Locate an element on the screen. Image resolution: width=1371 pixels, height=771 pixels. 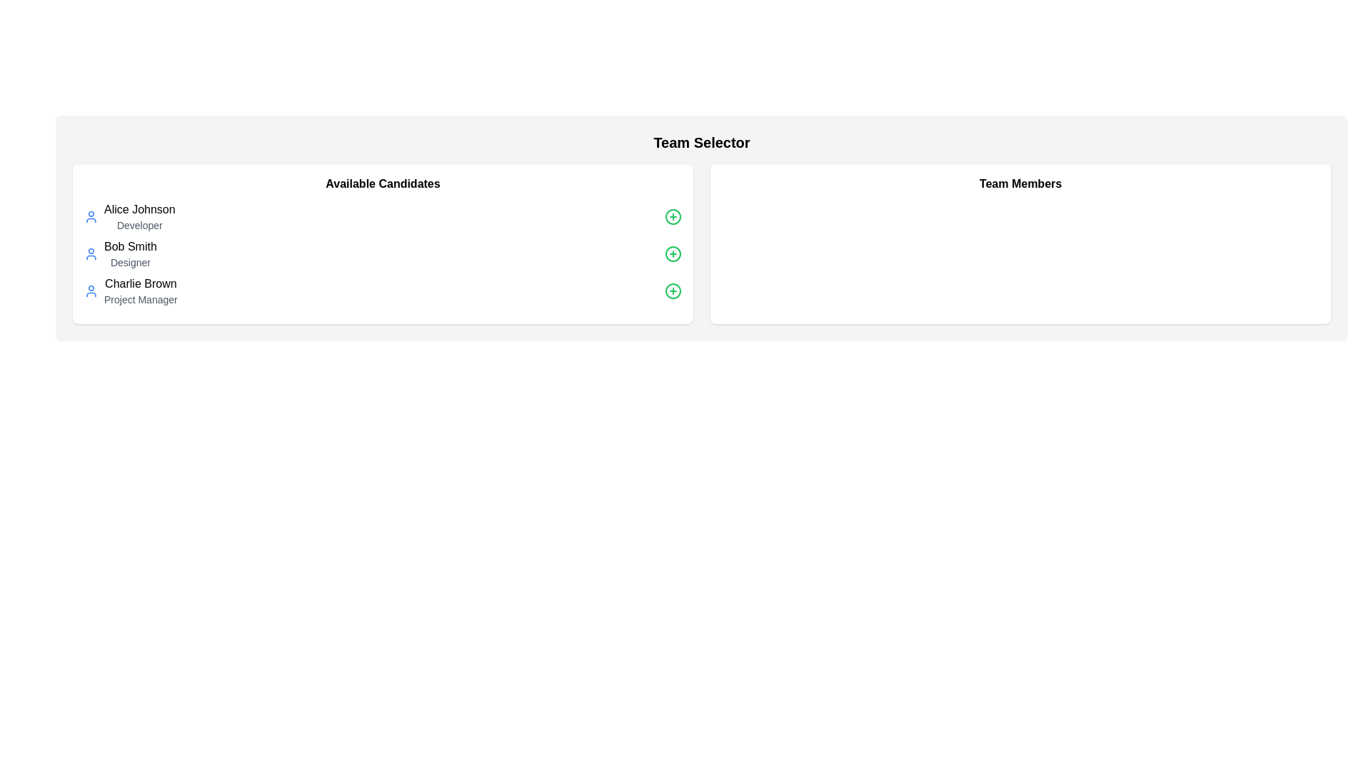
the green circular icon button with a plus sign located in the top-right corner of the 'Available Candidates' section next to 'Alice Johnson' is located at coordinates (672, 217).